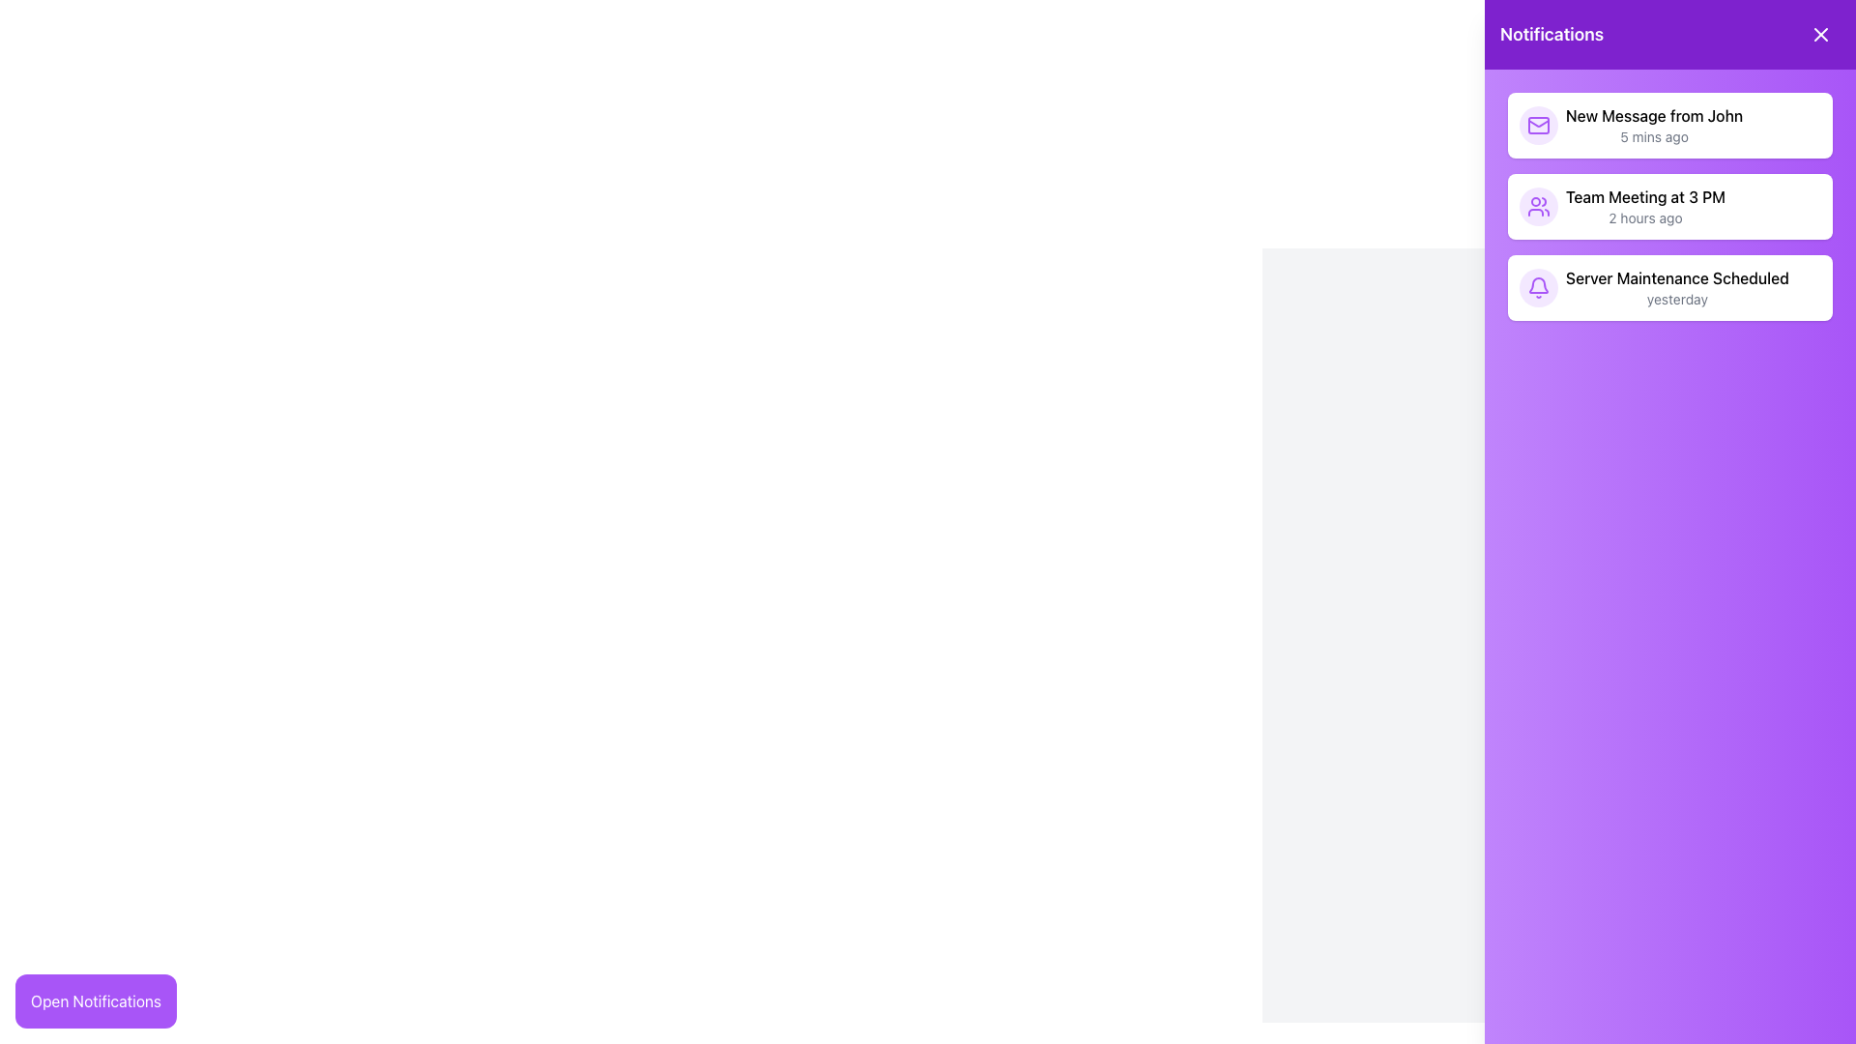 Image resolution: width=1856 pixels, height=1044 pixels. What do you see at coordinates (1644, 217) in the screenshot?
I see `text from the small gray text label displaying the time elapsed since a notification, positioned below 'Team Meeting at 3 PM' in the Notifications panel` at bounding box center [1644, 217].